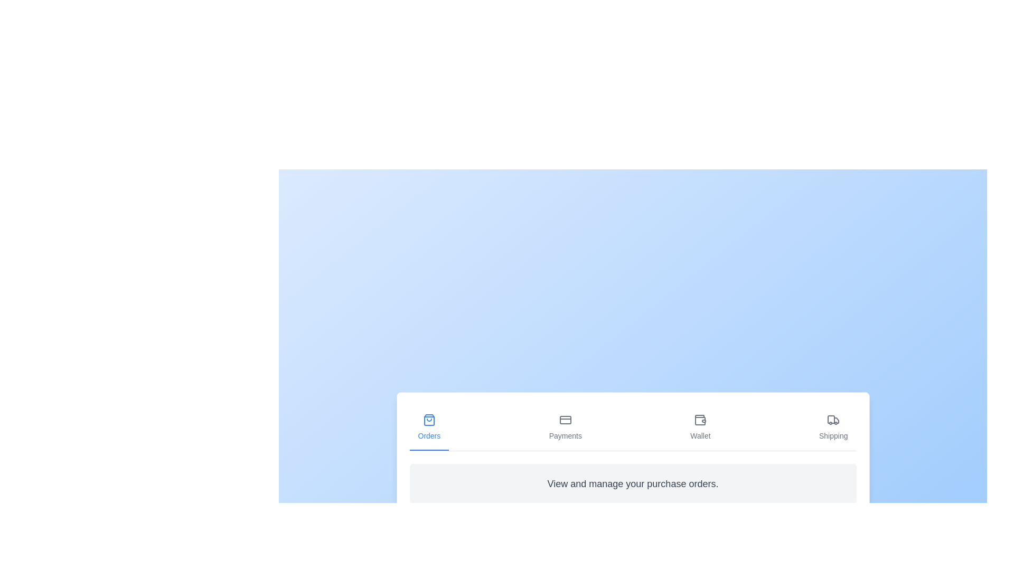 The image size is (1014, 570). I want to click on the informational label that displays the text 'View and manage your purchase orders.' which is located below the navigation menu and centered in the section, so click(633, 483).